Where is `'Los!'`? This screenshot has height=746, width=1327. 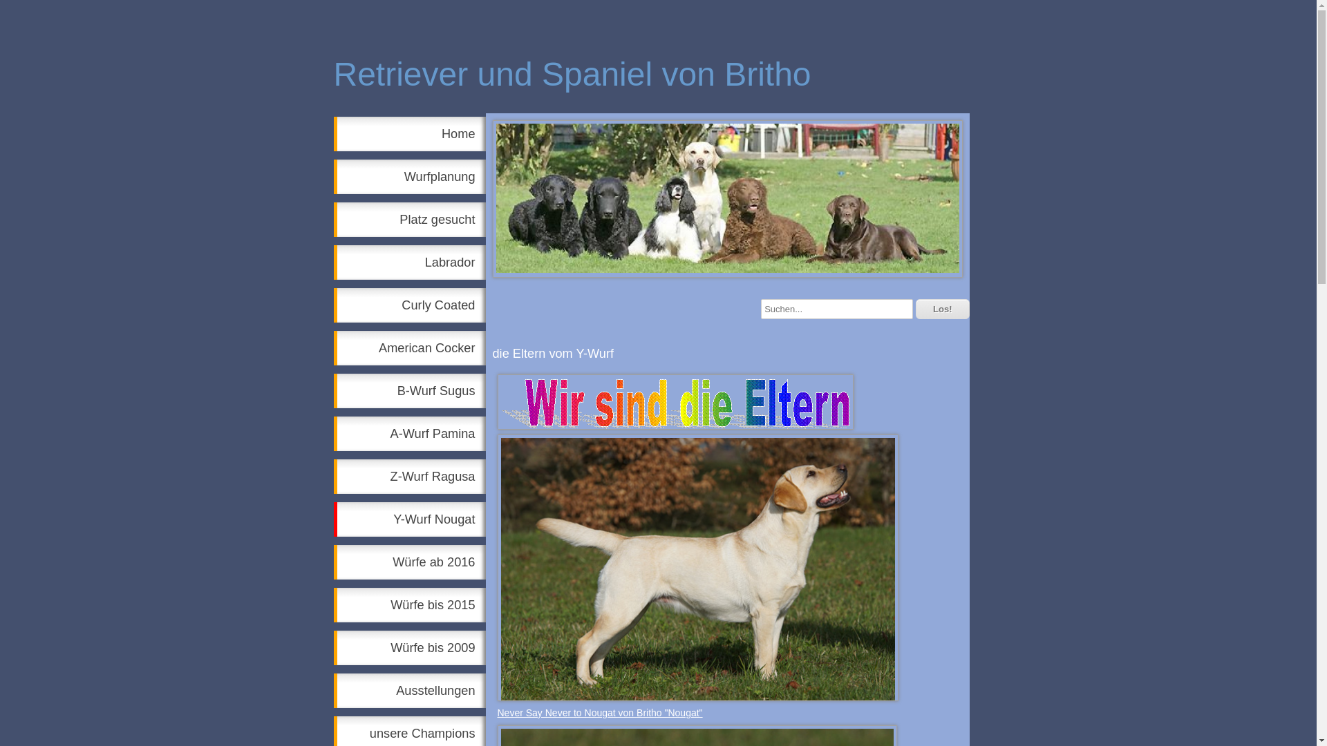
'Los!' is located at coordinates (915, 308).